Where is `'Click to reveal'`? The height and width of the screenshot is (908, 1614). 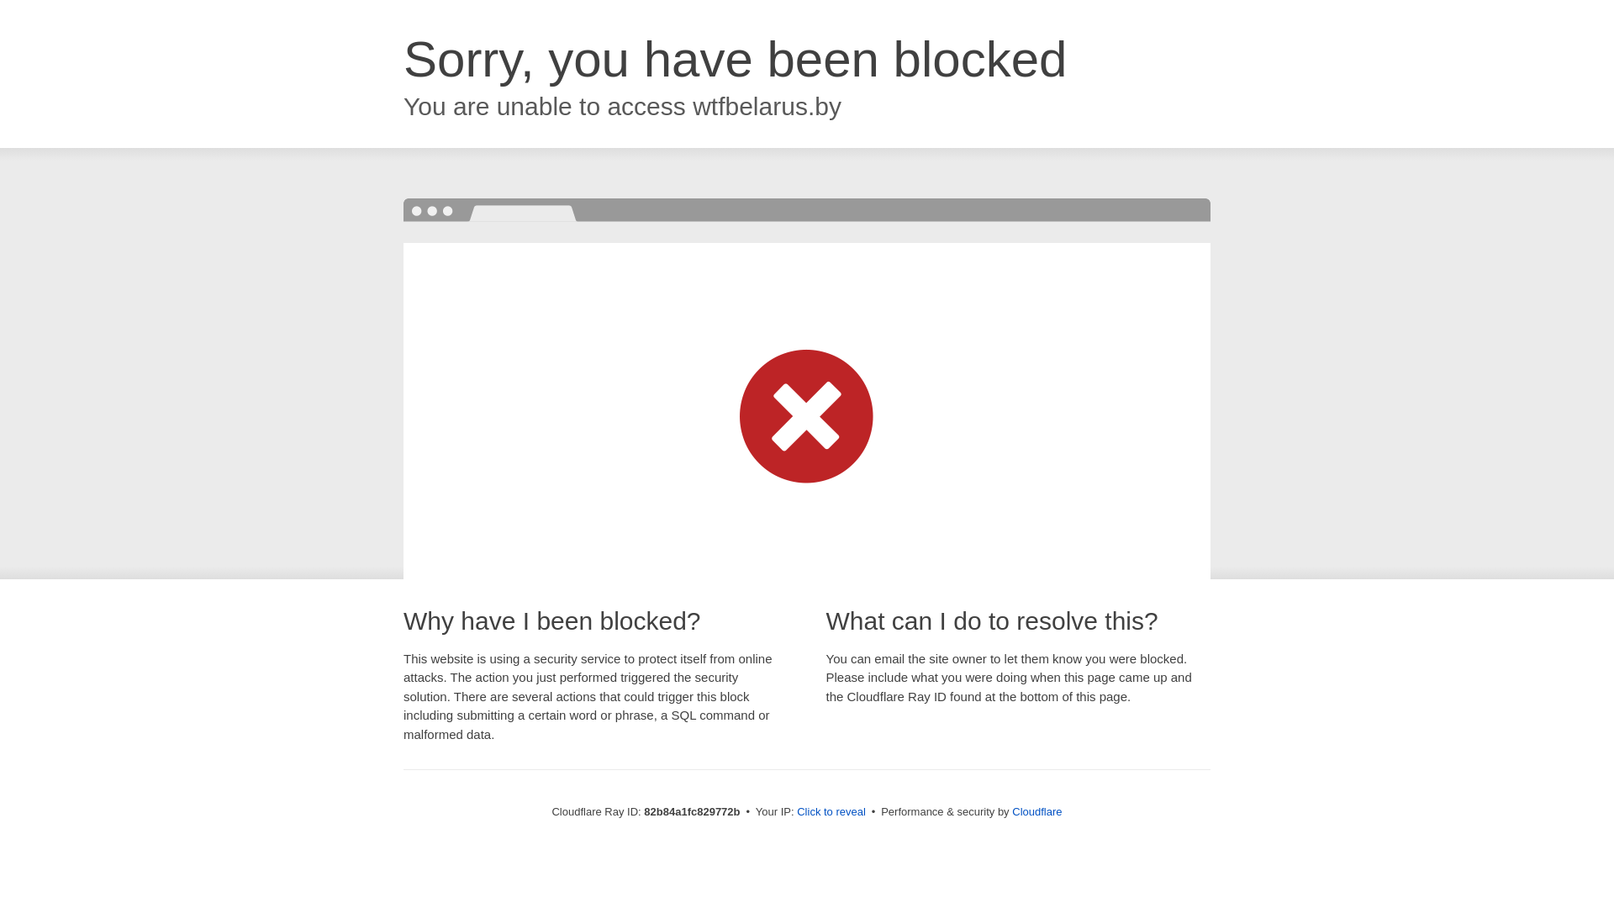
'Click to reveal' is located at coordinates (831, 810).